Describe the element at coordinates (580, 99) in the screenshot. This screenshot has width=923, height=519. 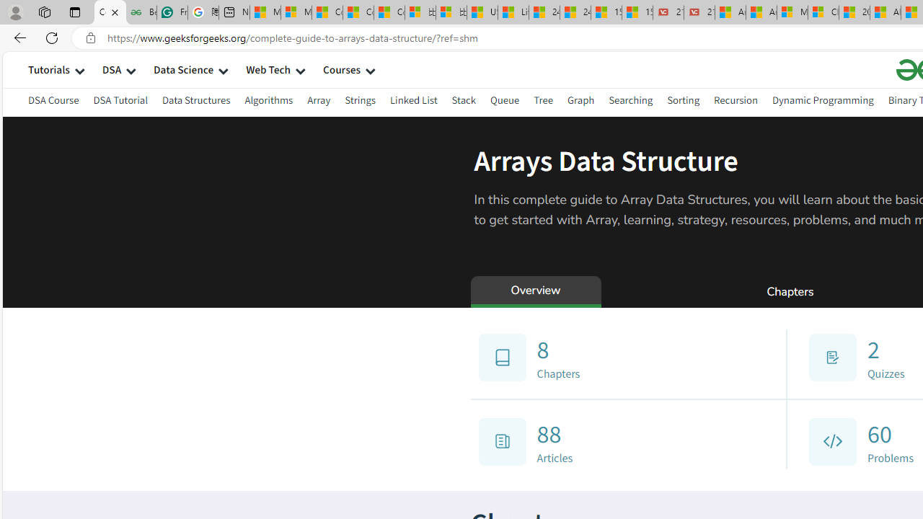
I see `'Graph'` at that location.